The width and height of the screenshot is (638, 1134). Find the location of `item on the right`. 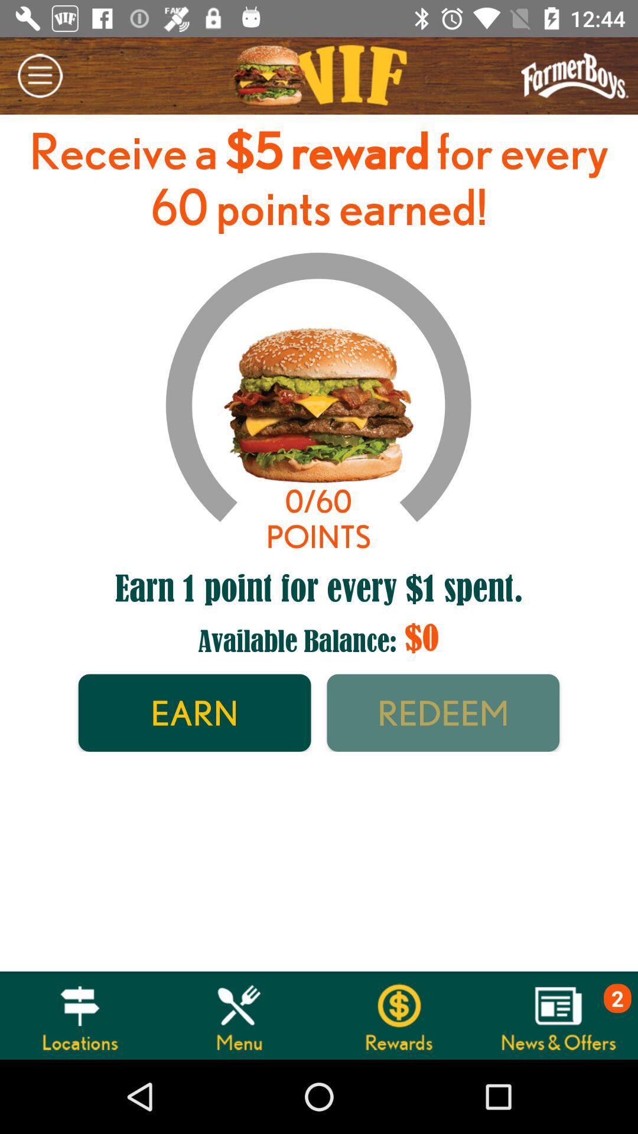

item on the right is located at coordinates (443, 712).